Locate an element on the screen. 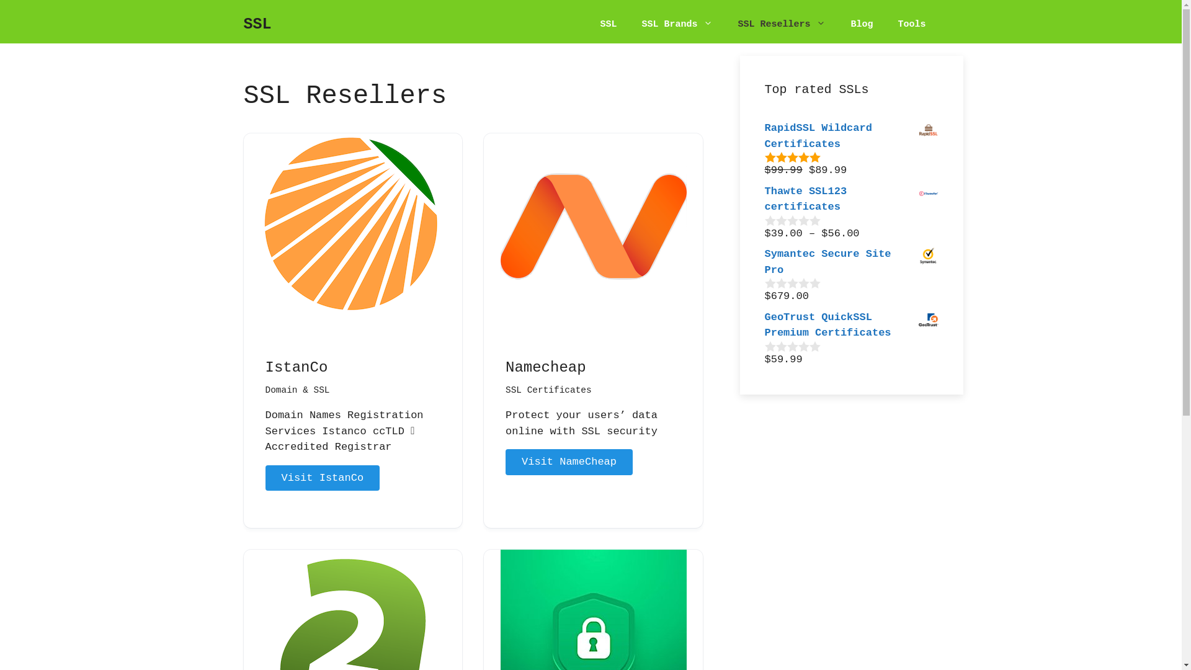 The image size is (1191, 670). 'Visit NameCheap' is located at coordinates (568, 462).